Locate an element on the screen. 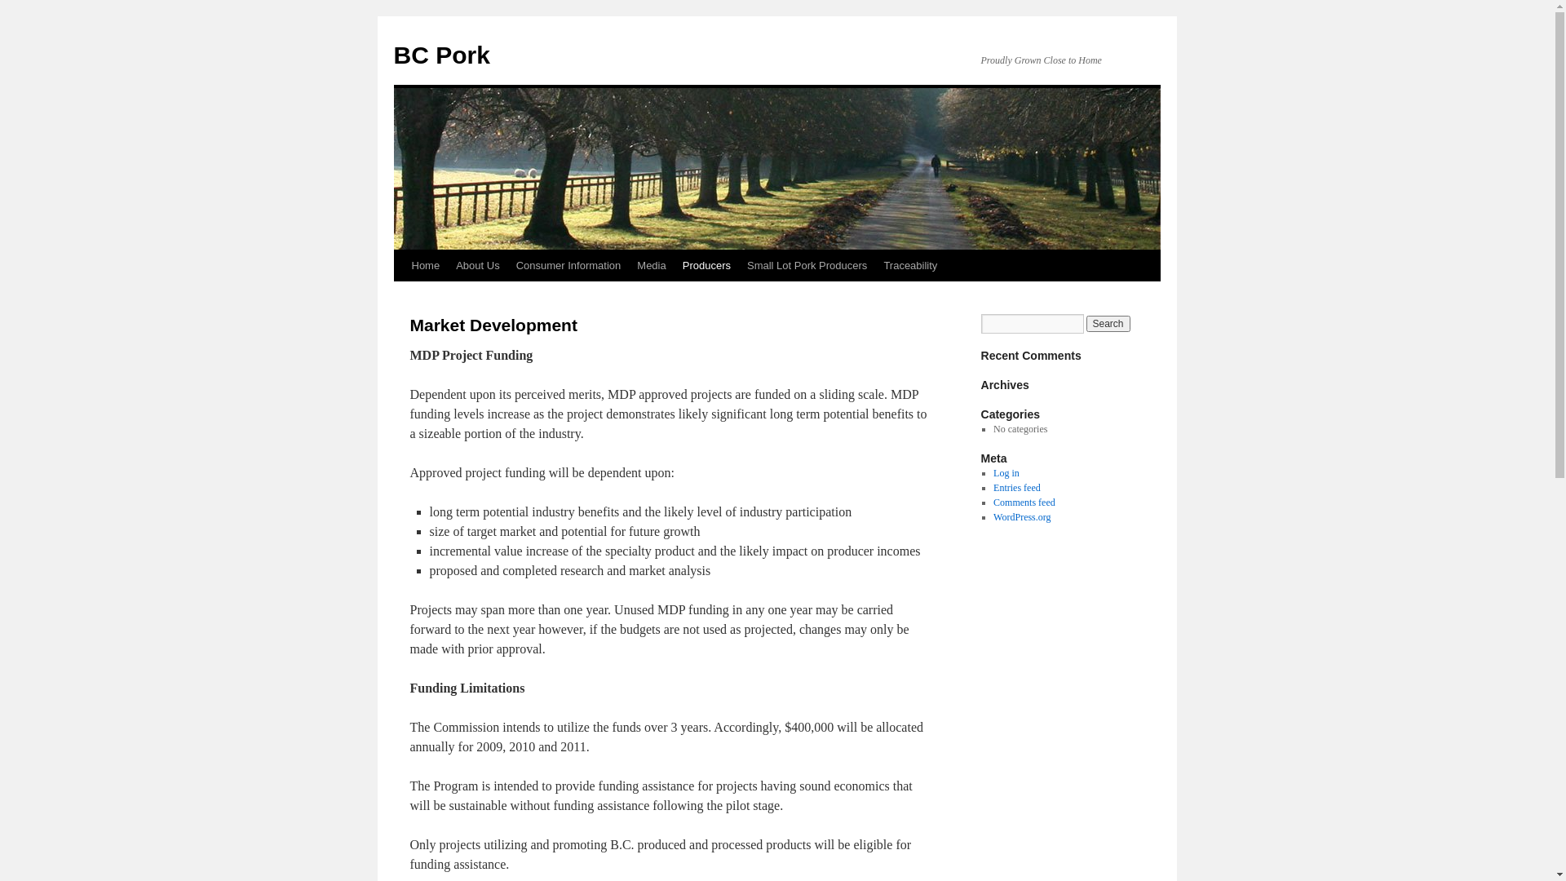 This screenshot has height=881, width=1566. 'Media' is located at coordinates (650, 265).